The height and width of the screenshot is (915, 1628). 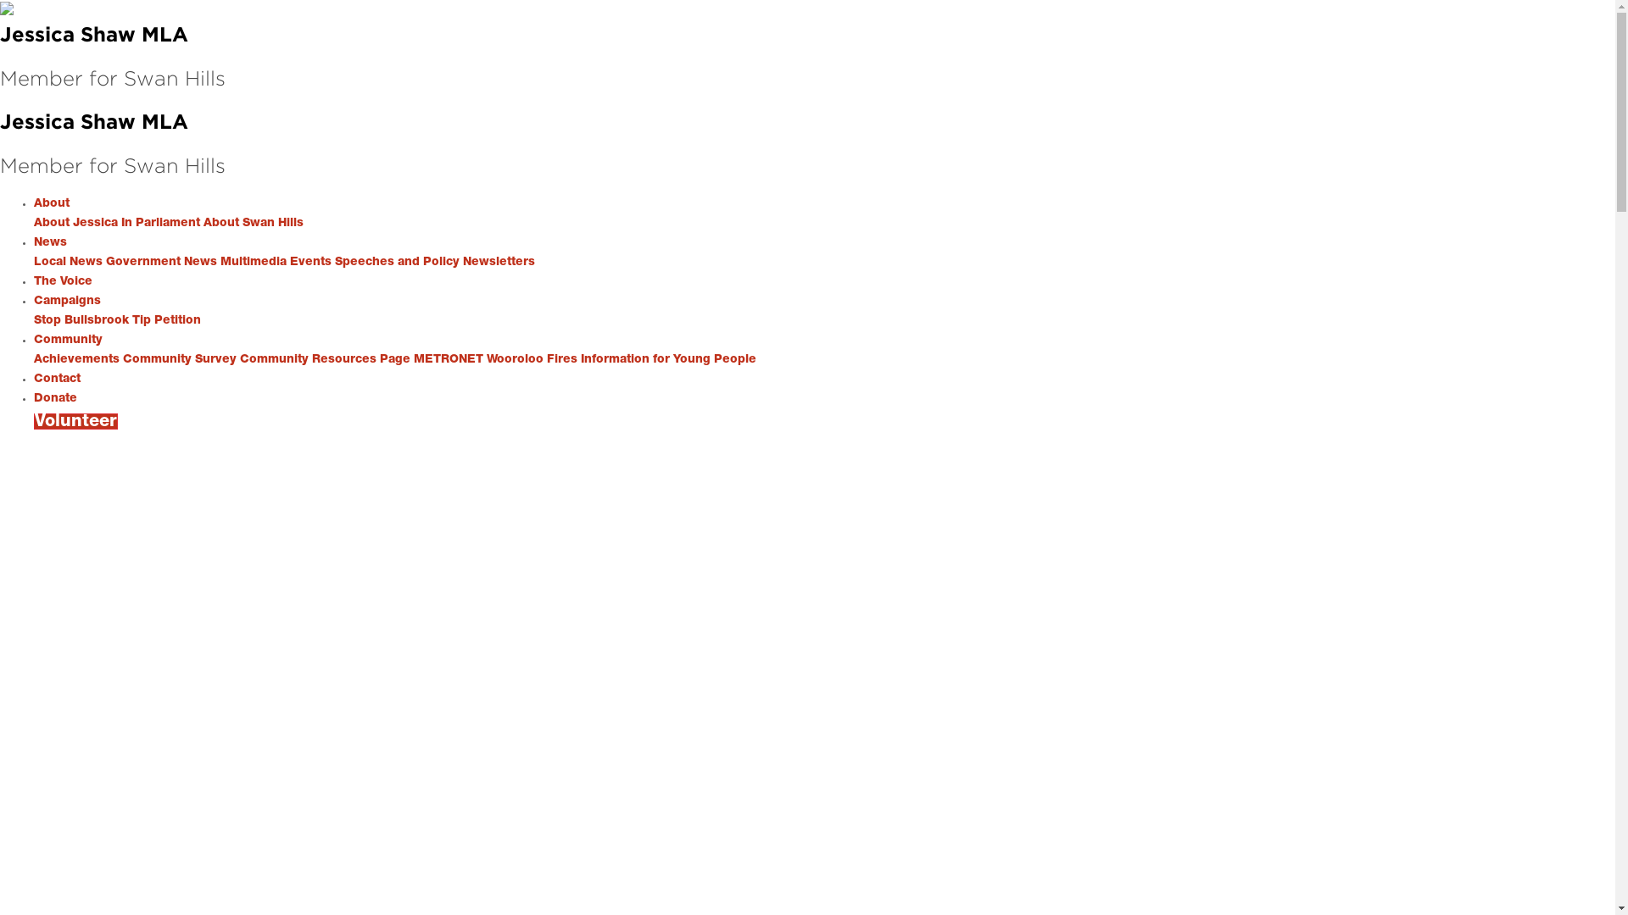 What do you see at coordinates (33, 261) in the screenshot?
I see `'Local News'` at bounding box center [33, 261].